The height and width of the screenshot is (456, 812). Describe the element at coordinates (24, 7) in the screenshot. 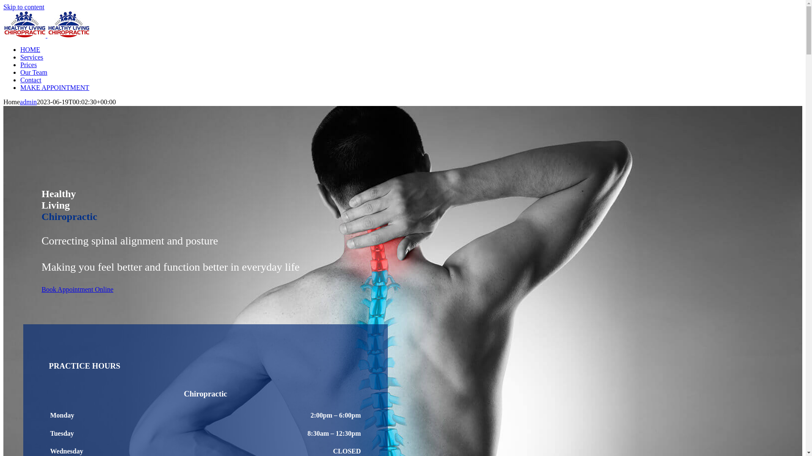

I see `'Skip to content'` at that location.